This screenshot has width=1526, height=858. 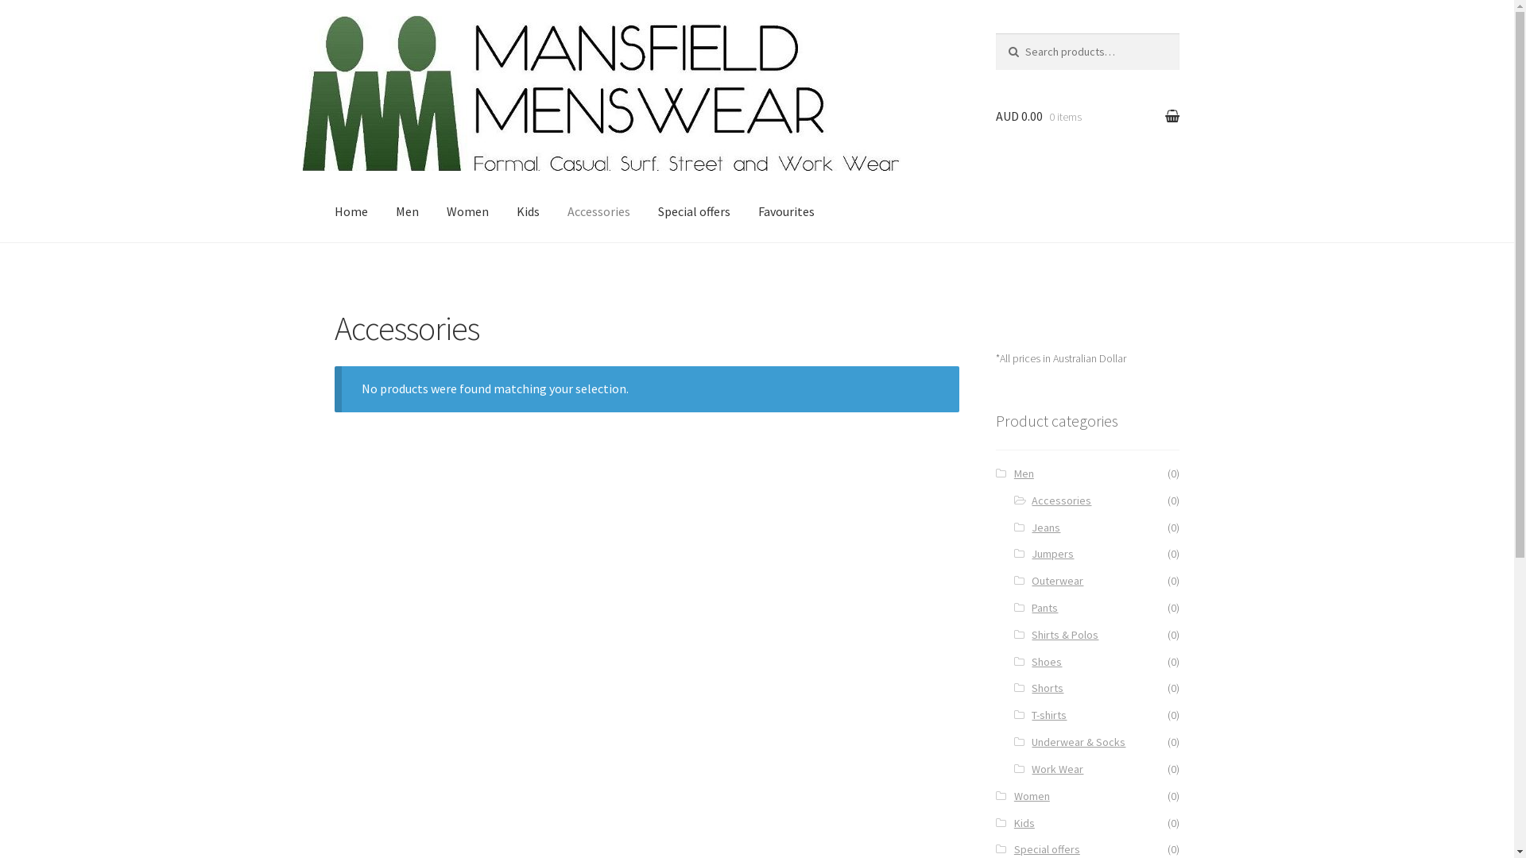 What do you see at coordinates (384, 42) in the screenshot?
I see `'Skip to navigation'` at bounding box center [384, 42].